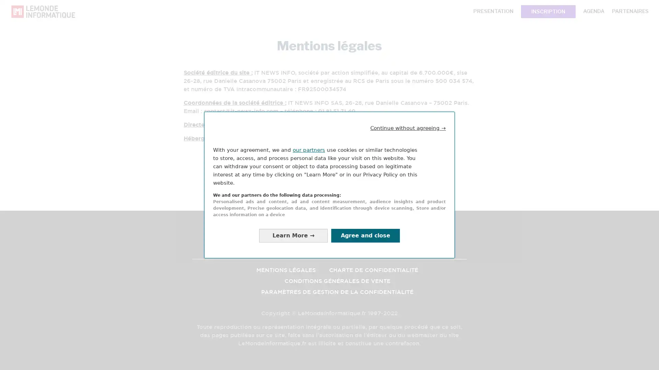  Describe the element at coordinates (293, 235) in the screenshot. I see `Configure your consents` at that location.